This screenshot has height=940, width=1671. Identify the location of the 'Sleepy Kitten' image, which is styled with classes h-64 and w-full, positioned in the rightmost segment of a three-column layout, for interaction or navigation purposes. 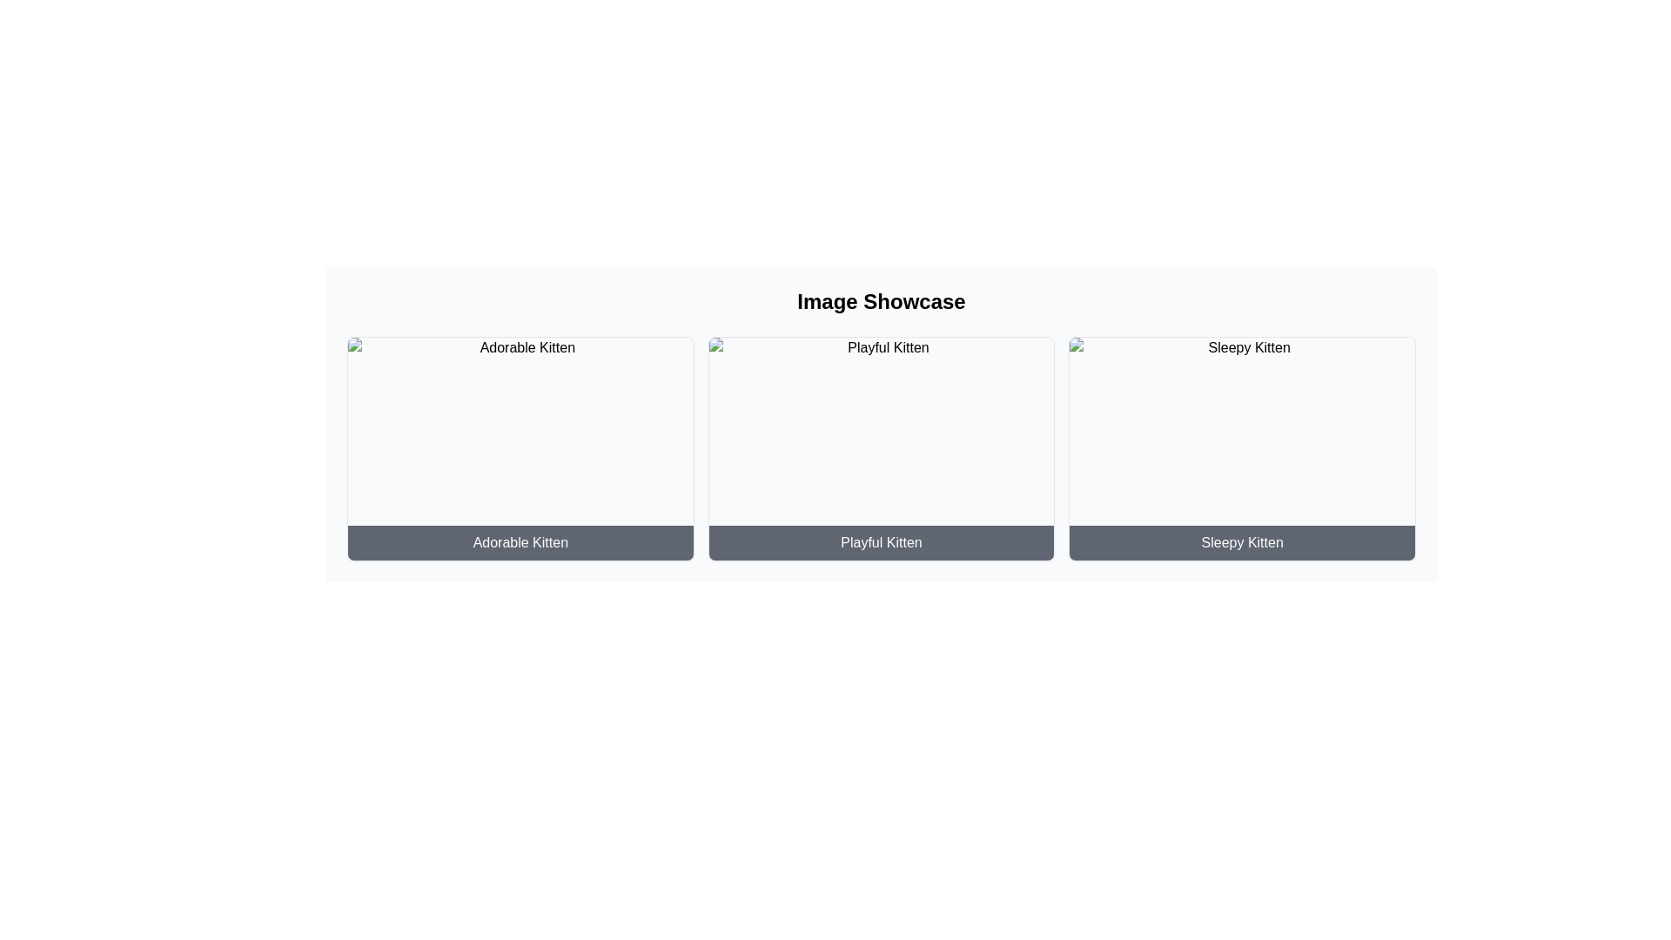
(1241, 448).